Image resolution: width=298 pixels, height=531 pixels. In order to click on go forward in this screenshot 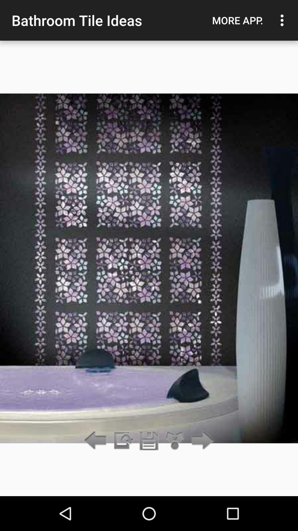, I will do `click(201, 441)`.